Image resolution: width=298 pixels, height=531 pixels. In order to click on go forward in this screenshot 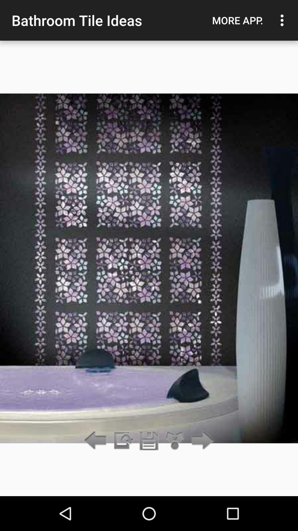, I will do `click(201, 441)`.